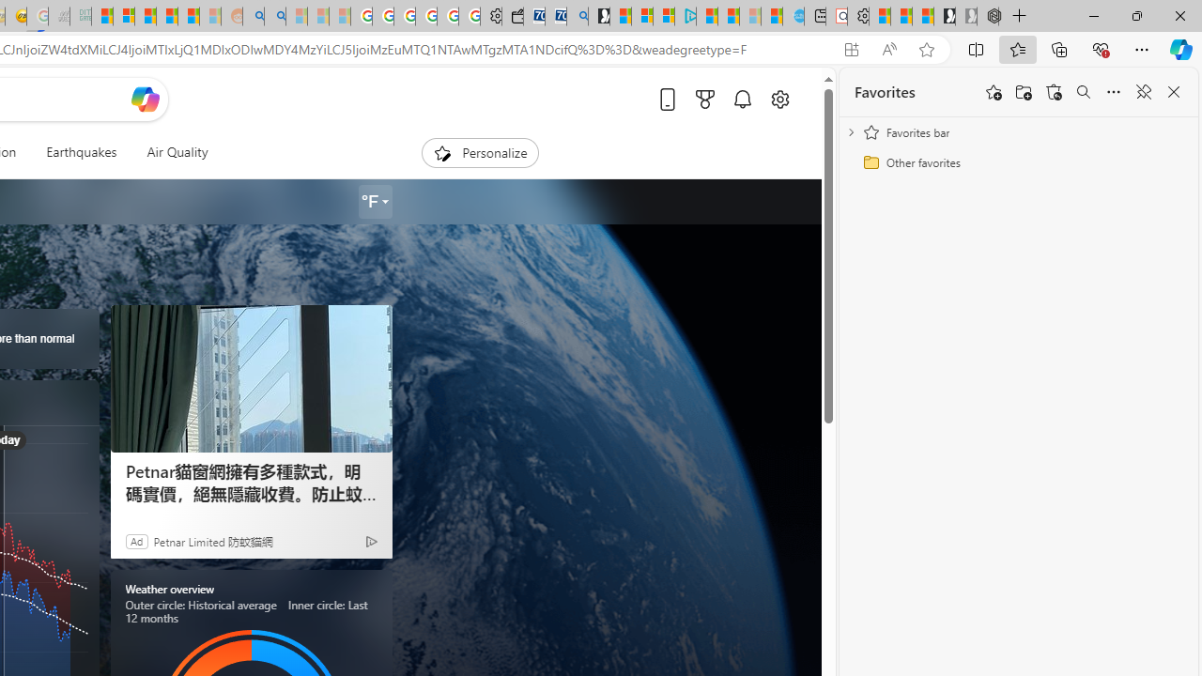 The height and width of the screenshot is (676, 1202). I want to click on 'Search favorites', so click(1083, 92).